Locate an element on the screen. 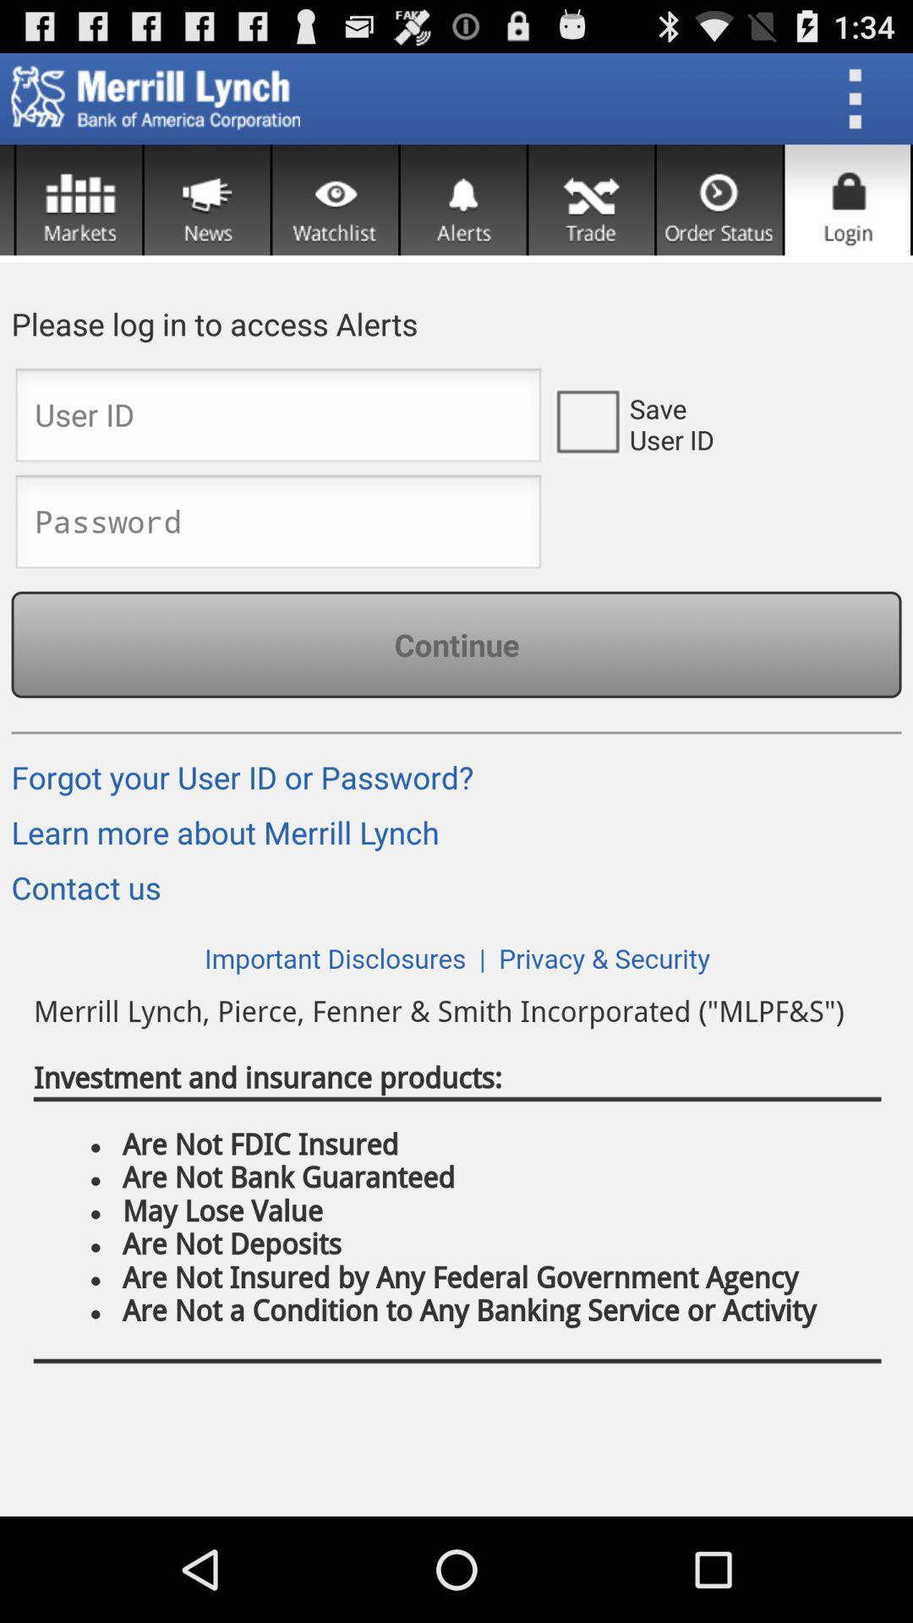 The image size is (913, 1623). the lock icon is located at coordinates (847, 213).